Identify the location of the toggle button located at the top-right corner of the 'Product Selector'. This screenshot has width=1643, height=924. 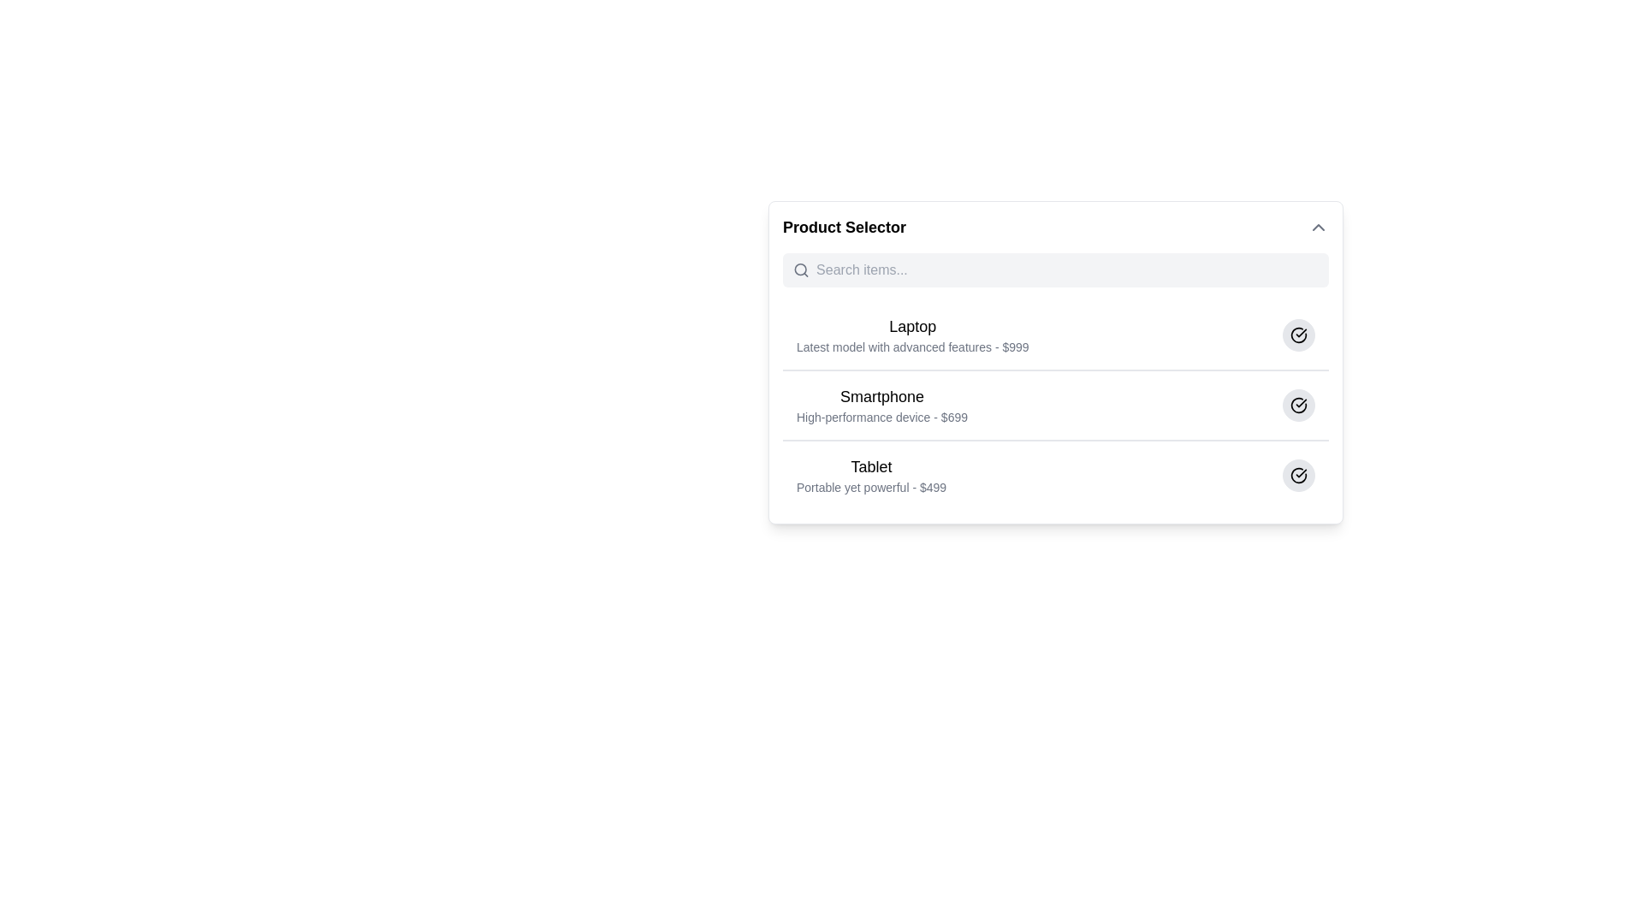
(1317, 227).